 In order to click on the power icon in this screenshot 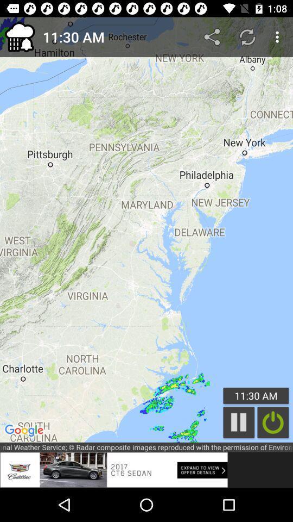, I will do `click(272, 422)`.